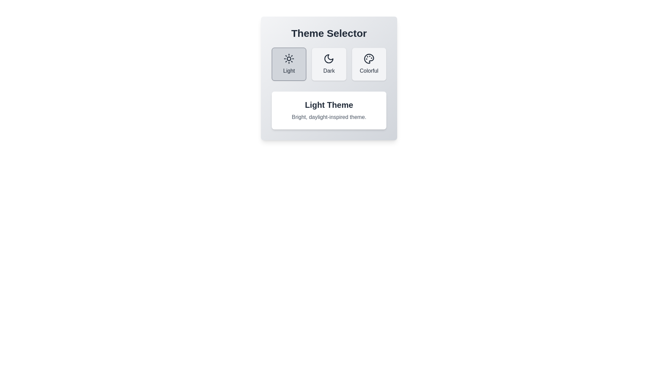 This screenshot has height=365, width=649. I want to click on the sun-shaped icon located within the 'Light' button in the 'Theme Selector' section, so click(289, 58).